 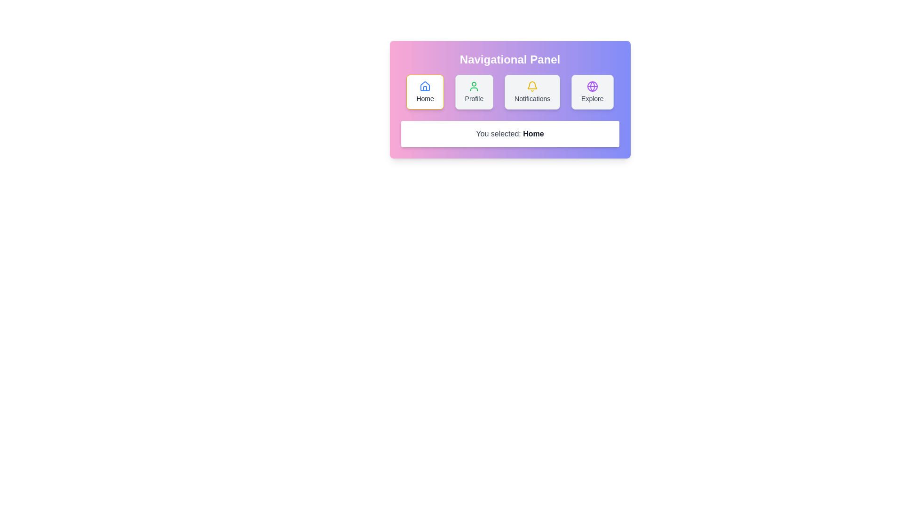 What do you see at coordinates (532, 85) in the screenshot?
I see `the lower part of the bell icon in the 'Notifications' button located in the navigation panel, which is the third button from the left` at bounding box center [532, 85].